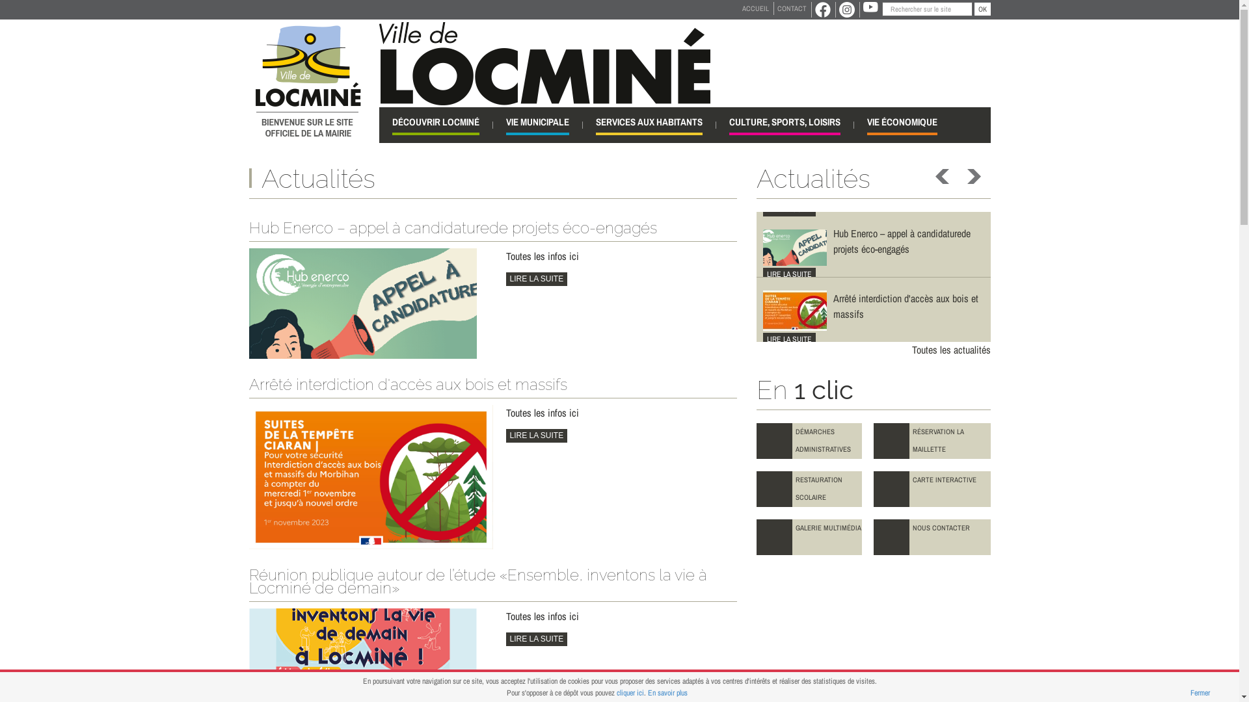 Image resolution: width=1249 pixels, height=702 pixels. Describe the element at coordinates (667, 692) in the screenshot. I see `'En savoir plus'` at that location.